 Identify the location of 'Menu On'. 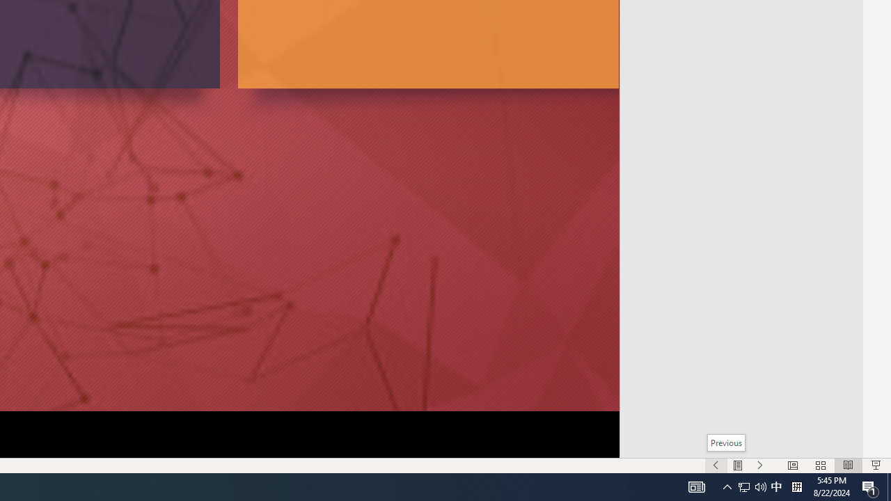
(737, 466).